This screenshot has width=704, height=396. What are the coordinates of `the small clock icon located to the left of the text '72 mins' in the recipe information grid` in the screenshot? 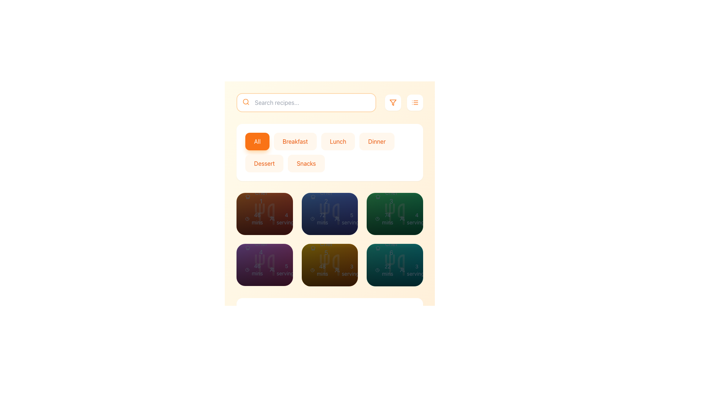 It's located at (312, 219).